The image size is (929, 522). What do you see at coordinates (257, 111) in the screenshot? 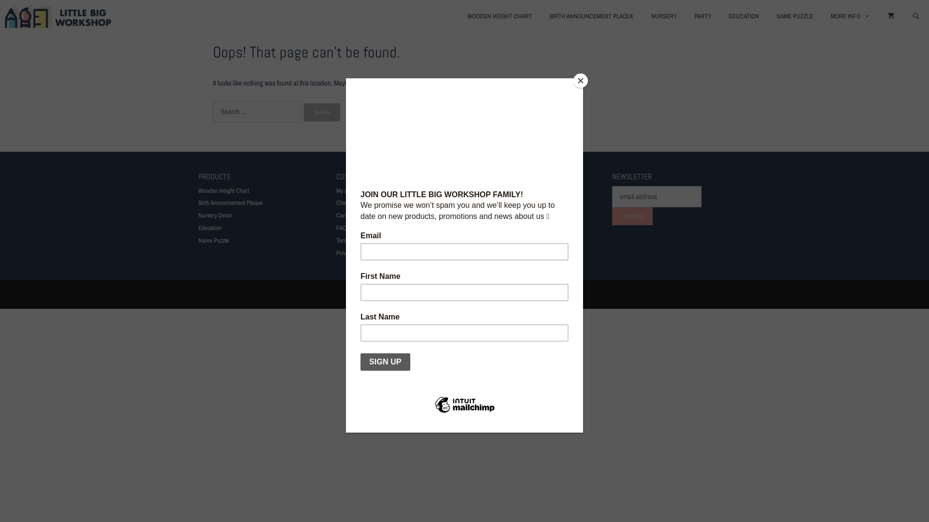
I see `'Search for:'` at bounding box center [257, 111].